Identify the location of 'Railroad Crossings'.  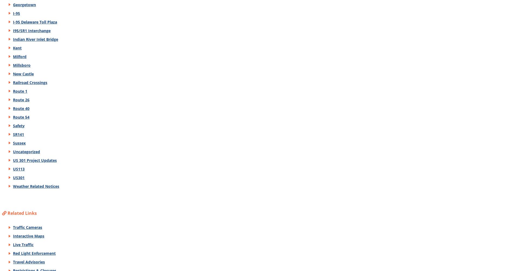
(30, 82).